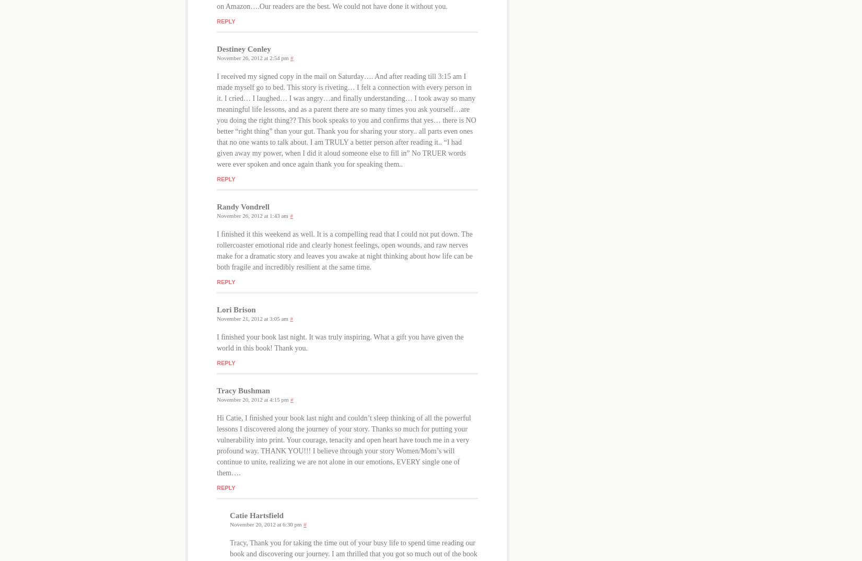 Image resolution: width=862 pixels, height=561 pixels. Describe the element at coordinates (343, 445) in the screenshot. I see `'Hi Catie, I finished your book last night and couldn’t sleep thinking of all the powerful lessons I discovered along the journey of your story.  Thanks so much for putting your vulnerability into print.  Your courage, tenacity and open heart have touch me in a very profound way.  THANK YOU!!!   I believe through your story Women/Mom’s will continue to unite, realizing we are not alone in our emotions, EVERY single one of them….'` at that location.